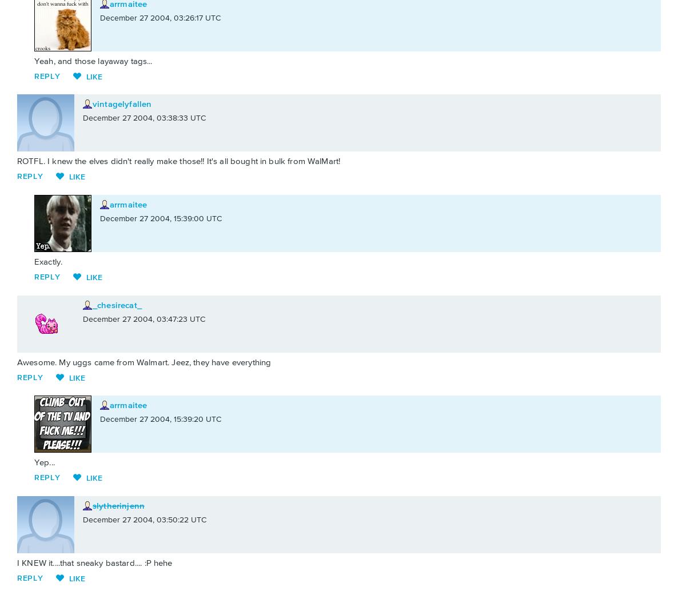  I want to click on 'slytherinjenn', so click(118, 505).